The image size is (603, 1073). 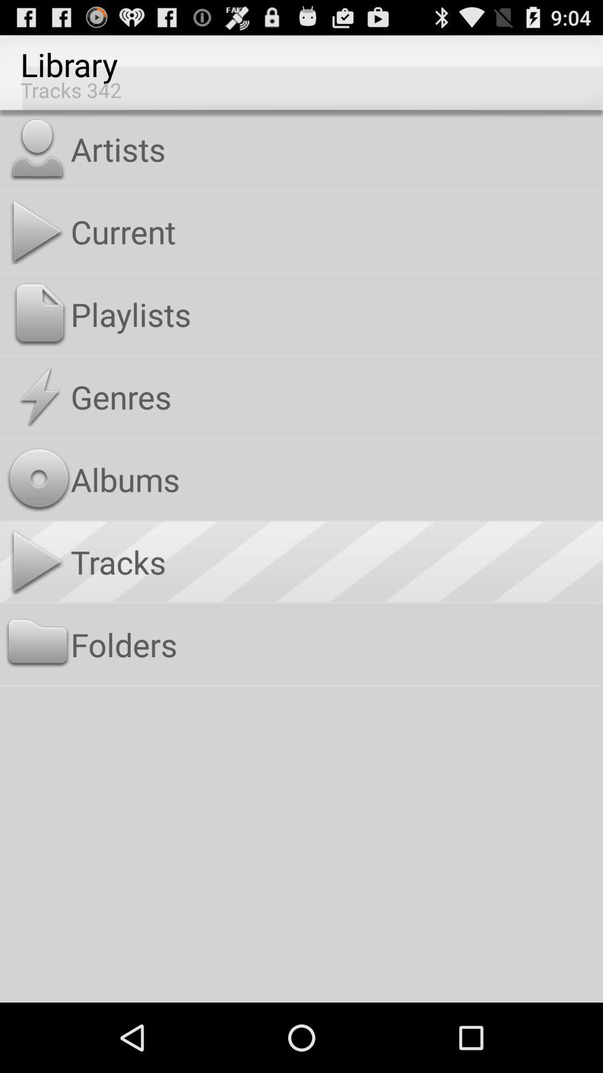 What do you see at coordinates (334, 148) in the screenshot?
I see `the app below the tracks 342 icon` at bounding box center [334, 148].